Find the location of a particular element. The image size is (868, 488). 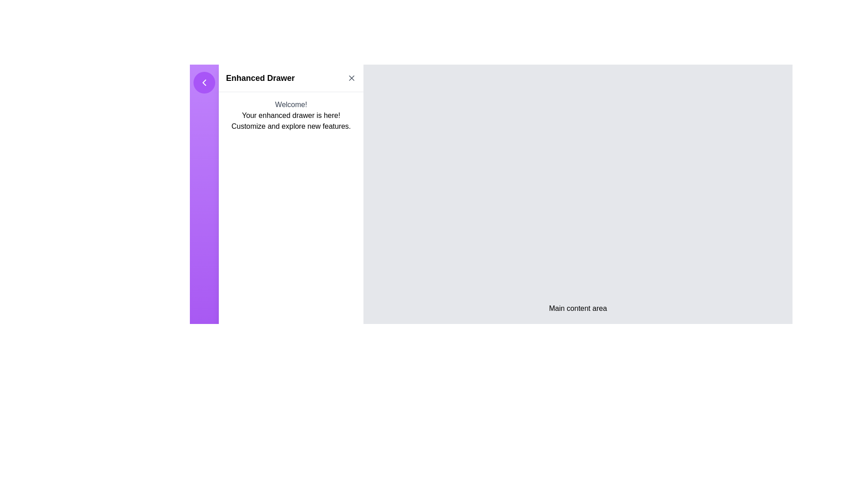

text displayed below the 'Welcome!' message, which says 'Your enhanced drawer is here!' and 'Customize and explore new features.' is located at coordinates (291, 120).